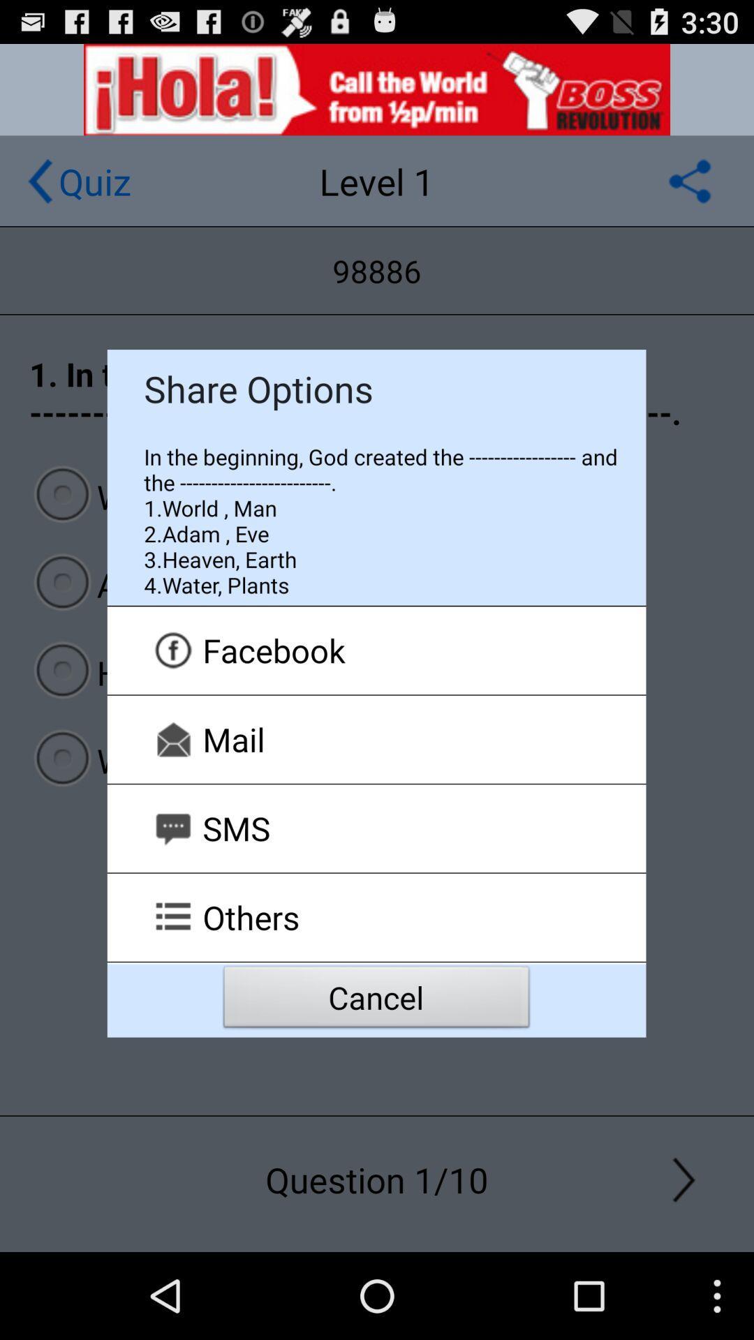 The width and height of the screenshot is (754, 1340). I want to click on the arrow_backward icon, so click(39, 193).